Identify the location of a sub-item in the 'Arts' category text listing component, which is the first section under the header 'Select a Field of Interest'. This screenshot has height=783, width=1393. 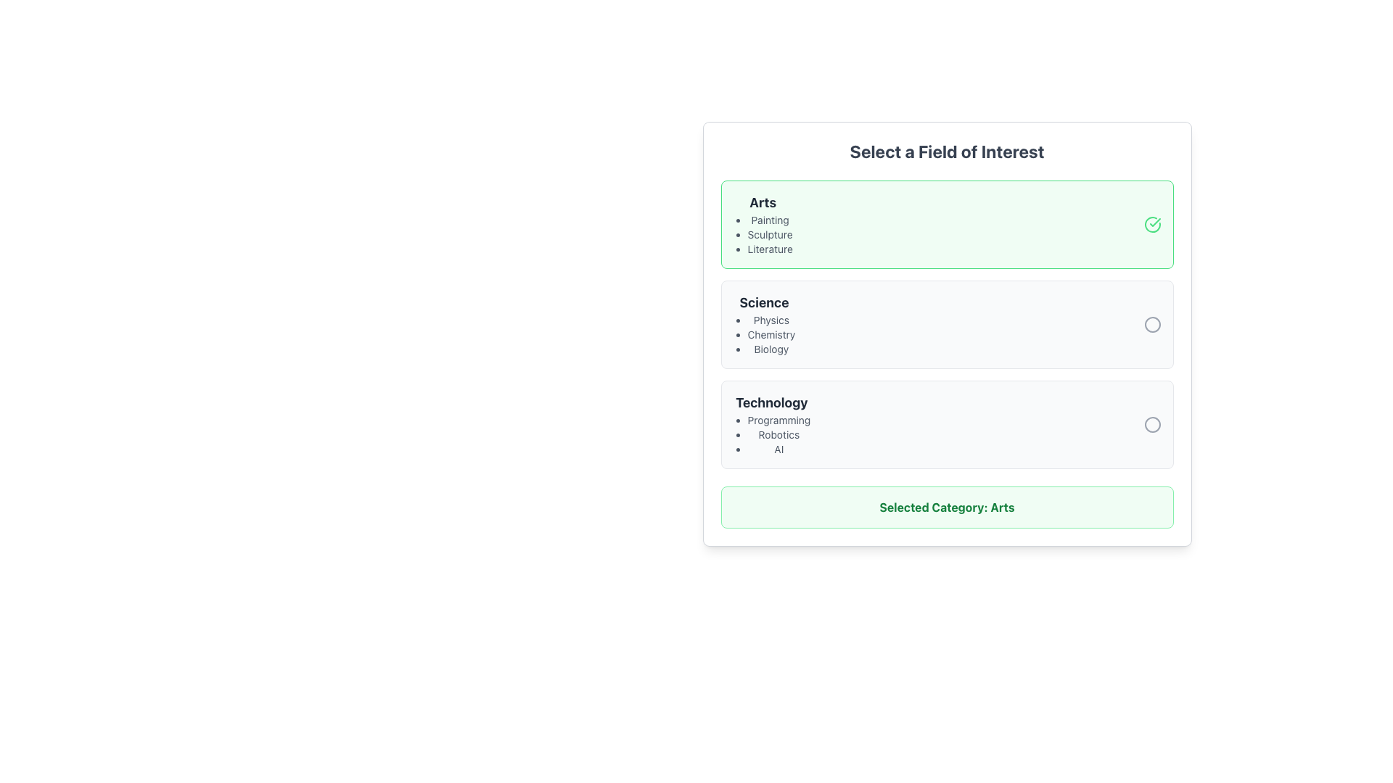
(762, 224).